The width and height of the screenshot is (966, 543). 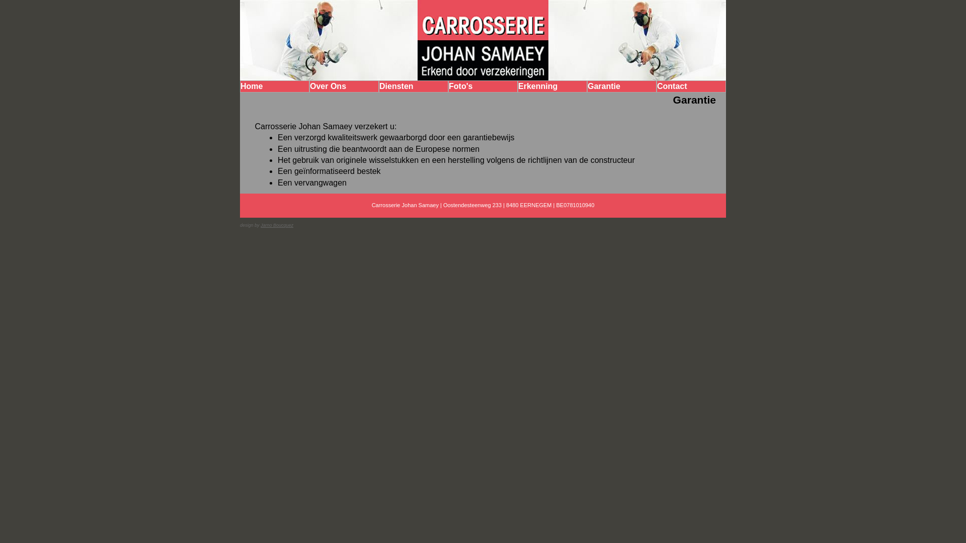 What do you see at coordinates (690, 86) in the screenshot?
I see `'Contact'` at bounding box center [690, 86].